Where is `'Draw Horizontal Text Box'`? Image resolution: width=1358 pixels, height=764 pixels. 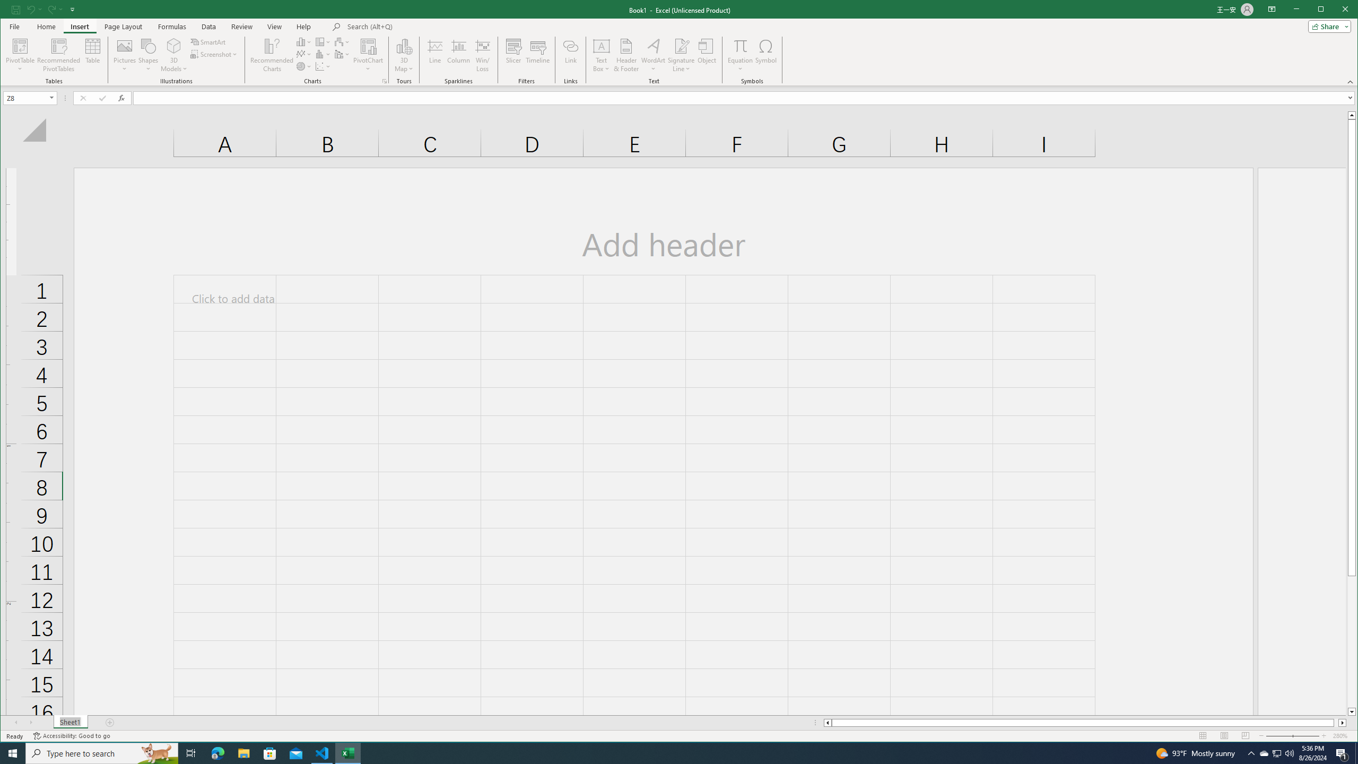 'Draw Horizontal Text Box' is located at coordinates (601, 45).